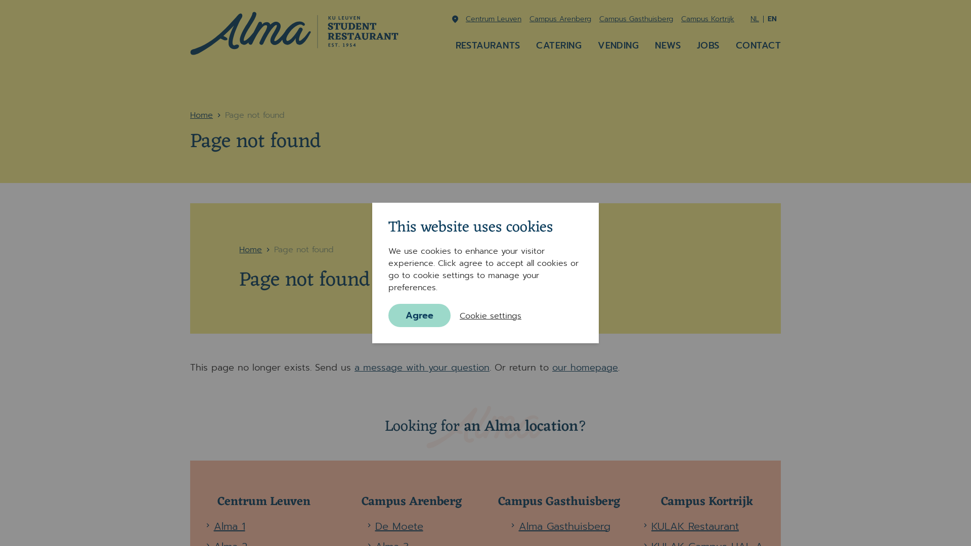 Image resolution: width=971 pixels, height=546 pixels. Describe the element at coordinates (635, 19) in the screenshot. I see `'Campus Gasthuisberg'` at that location.